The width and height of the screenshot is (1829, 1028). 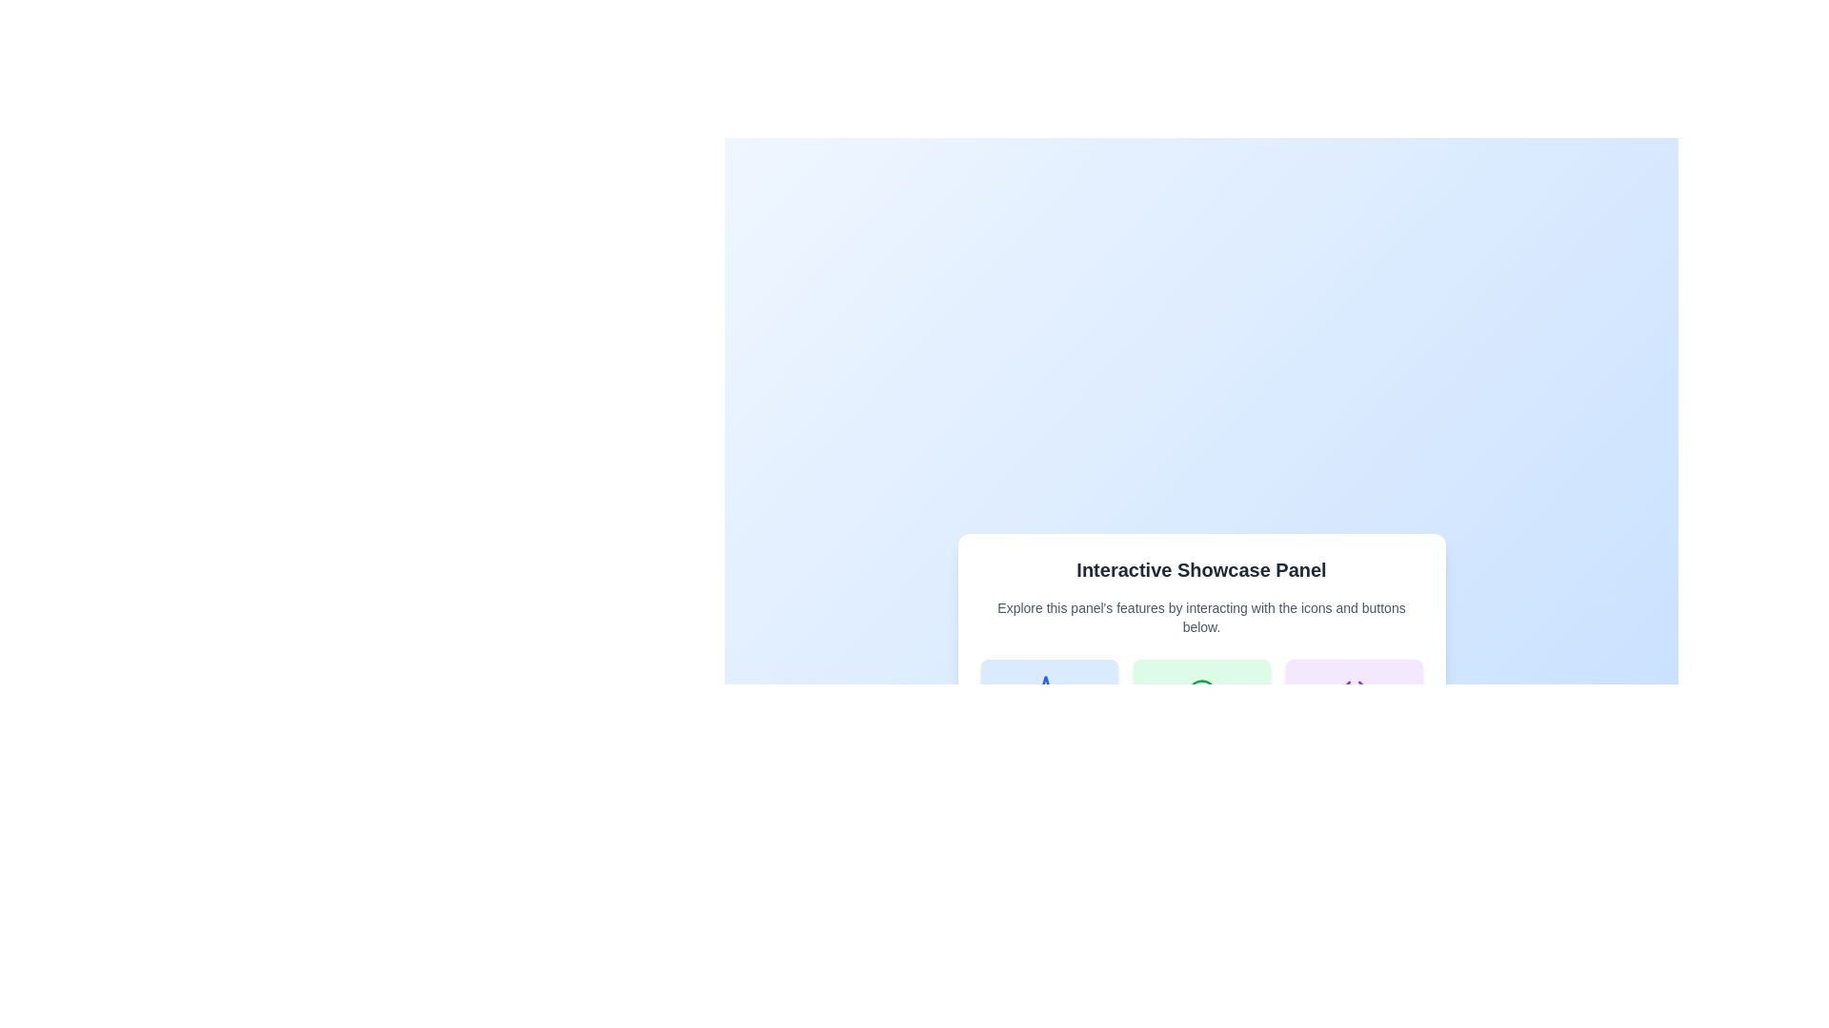 What do you see at coordinates (1200, 690) in the screenshot?
I see `curved arc element that forms the upper part of the eye symbol located in the center of the green button in the Interactive Showcase Panel` at bounding box center [1200, 690].